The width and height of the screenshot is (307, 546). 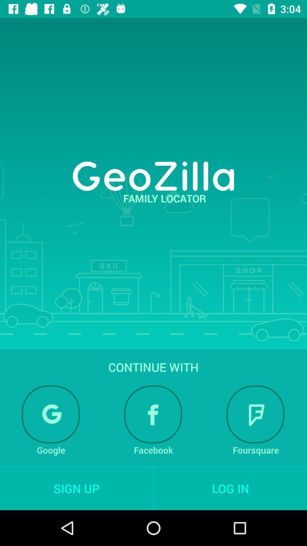 What do you see at coordinates (153, 414) in the screenshot?
I see `the facebook icon` at bounding box center [153, 414].